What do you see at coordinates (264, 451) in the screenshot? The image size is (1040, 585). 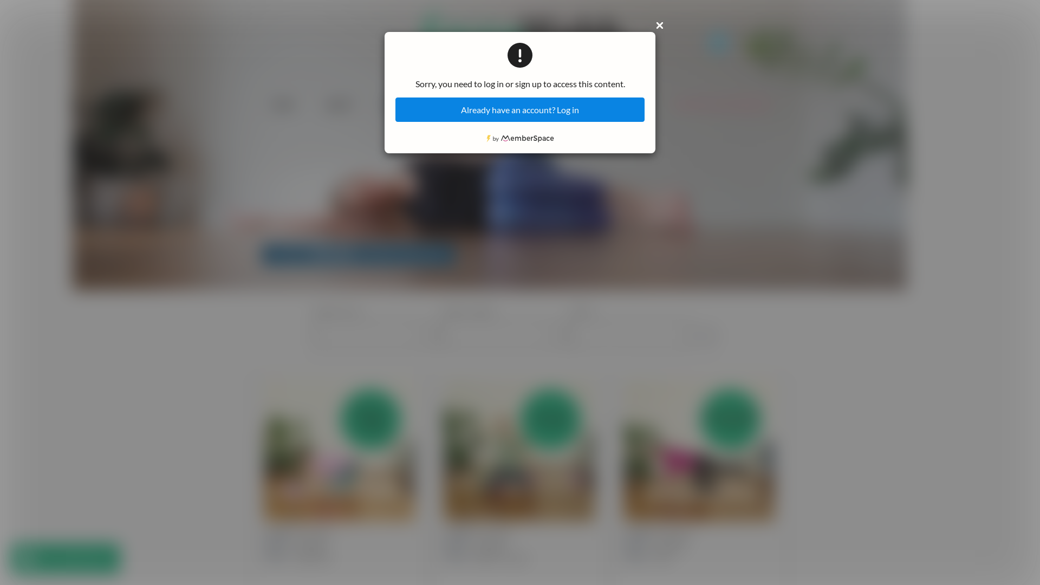 I see `'A good ol' hip 'n shoulder 1546.png'` at bounding box center [264, 451].